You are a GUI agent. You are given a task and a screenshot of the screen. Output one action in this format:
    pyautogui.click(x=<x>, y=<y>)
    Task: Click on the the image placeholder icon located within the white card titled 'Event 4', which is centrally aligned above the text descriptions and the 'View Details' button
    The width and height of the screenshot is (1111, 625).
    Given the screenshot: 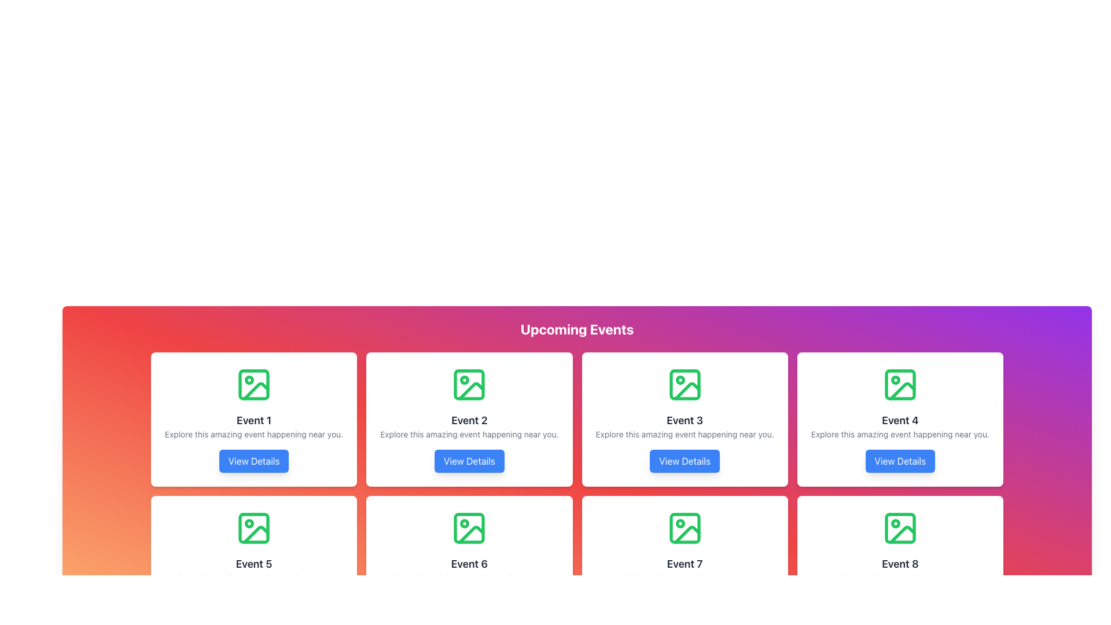 What is the action you would take?
    pyautogui.click(x=899, y=384)
    